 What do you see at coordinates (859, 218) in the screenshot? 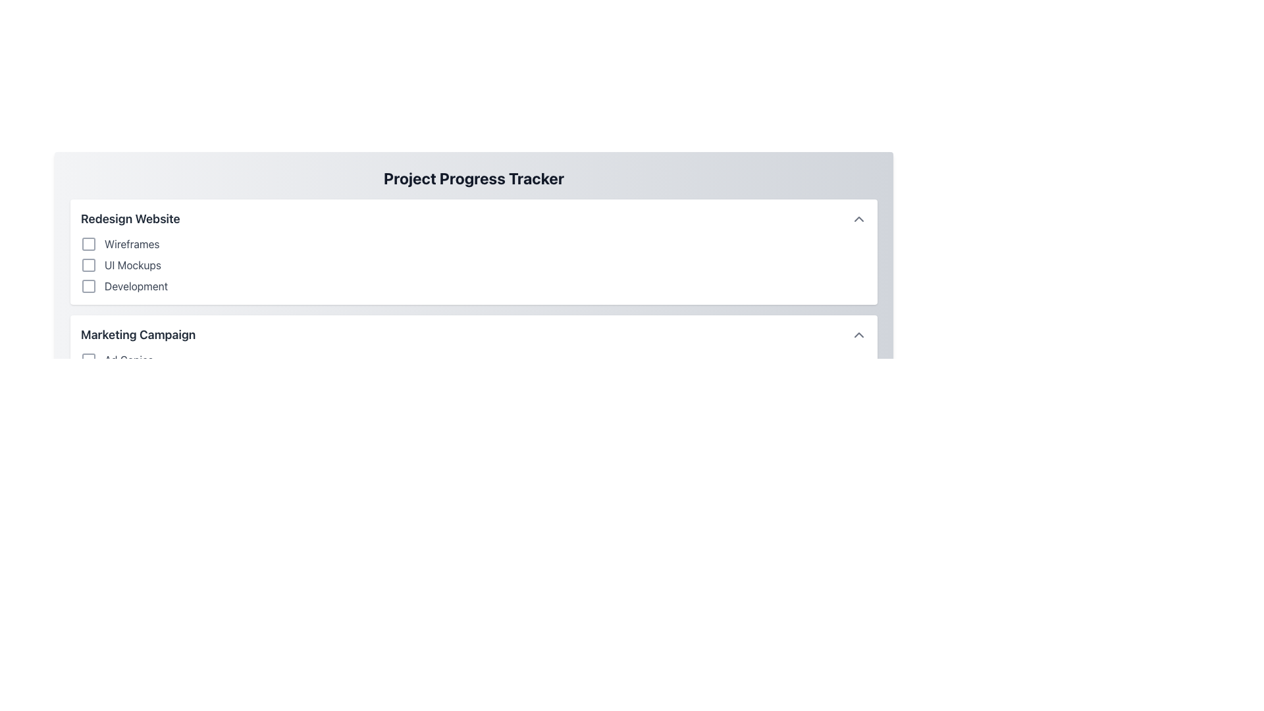
I see `the upward pointing chevron button styled in gray, located at the far right of the 'Redesign Website' section` at bounding box center [859, 218].